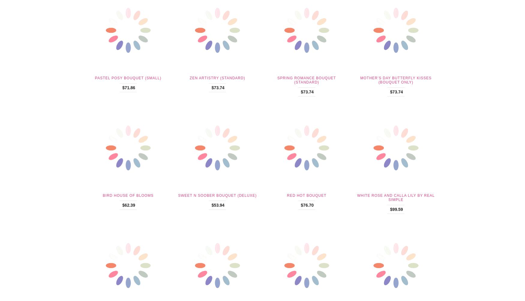 The height and width of the screenshot is (301, 525). Describe the element at coordinates (128, 205) in the screenshot. I see `'$62.39'` at that location.